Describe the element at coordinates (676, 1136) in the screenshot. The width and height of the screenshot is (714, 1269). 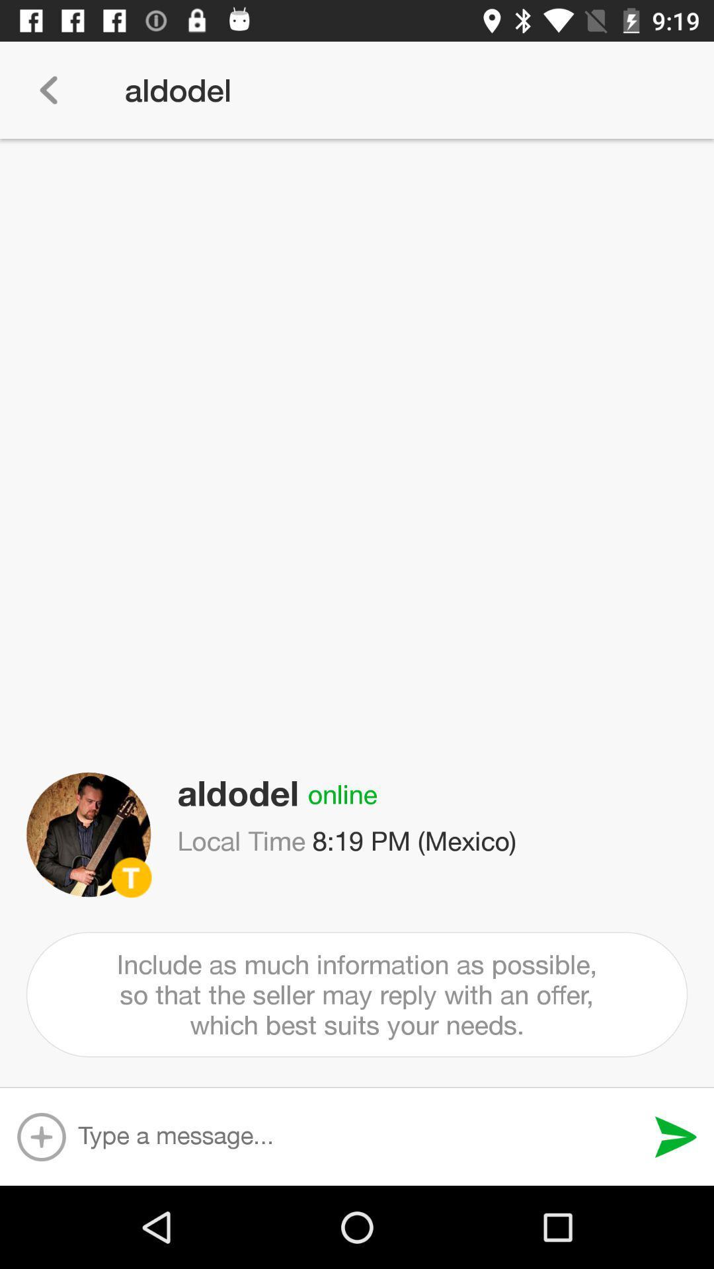
I see `the send icon` at that location.